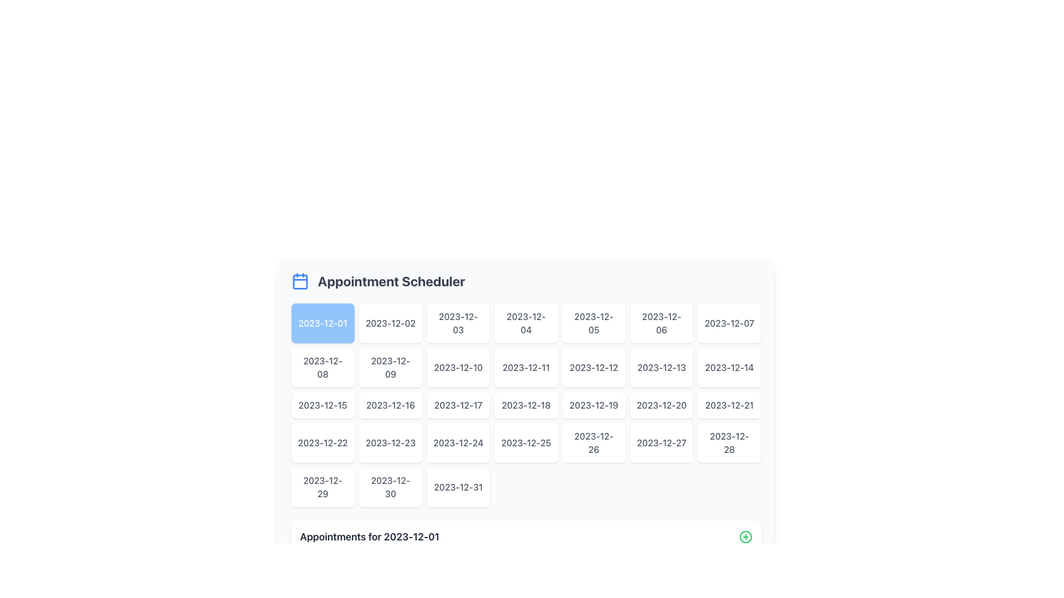 The height and width of the screenshot is (598, 1064). Describe the element at coordinates (729, 323) in the screenshot. I see `the date button displaying '2023-12-07' in the top-right corner of the Appointment Scheduler grid` at that location.